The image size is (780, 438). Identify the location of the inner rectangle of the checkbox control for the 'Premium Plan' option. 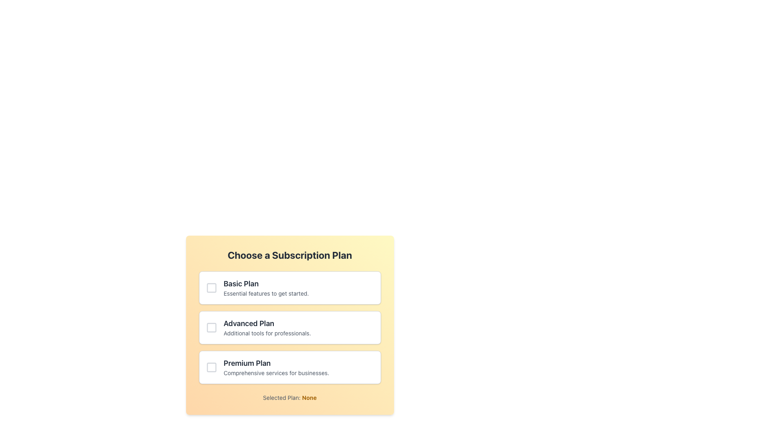
(211, 367).